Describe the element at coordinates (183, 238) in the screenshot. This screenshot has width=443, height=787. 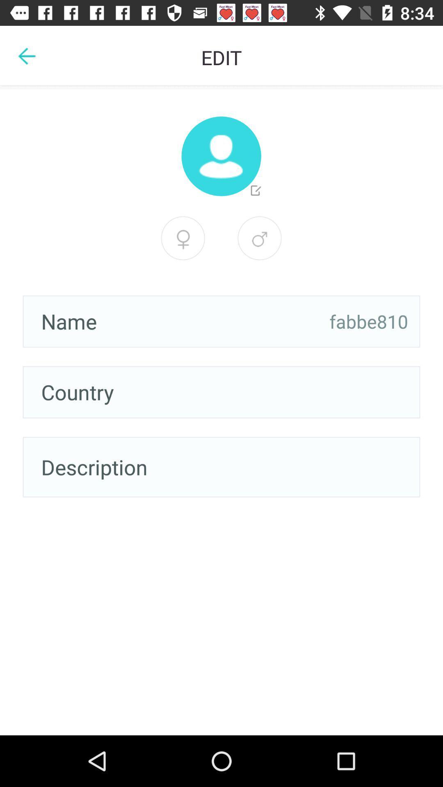
I see `choose male` at that location.